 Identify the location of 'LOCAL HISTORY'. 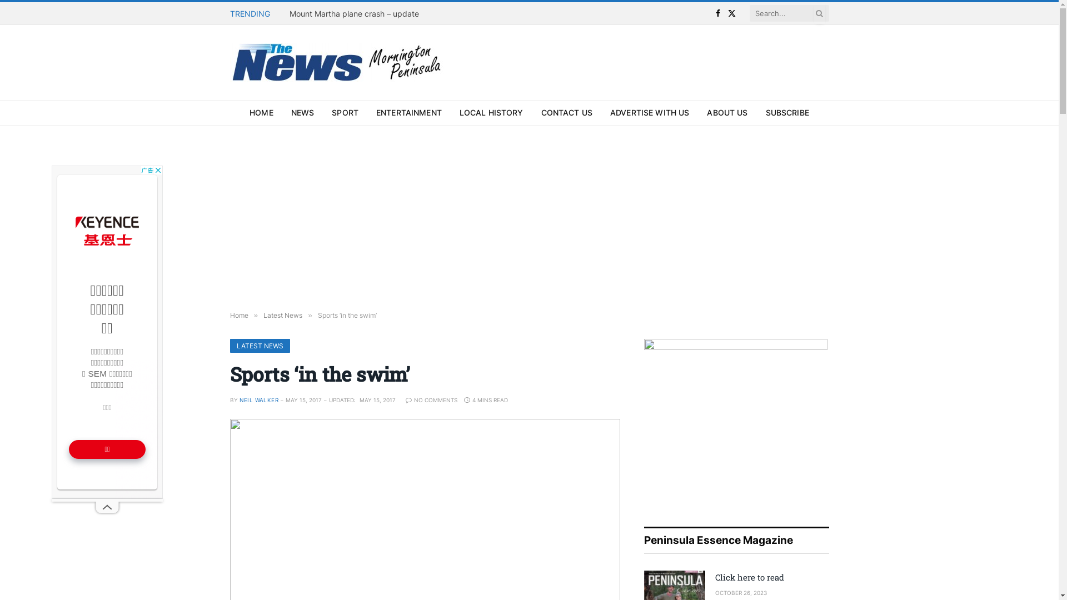
(491, 113).